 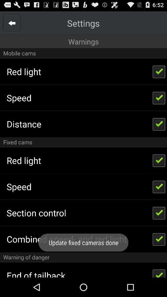 I want to click on the check box which is beside section control, so click(x=159, y=213).